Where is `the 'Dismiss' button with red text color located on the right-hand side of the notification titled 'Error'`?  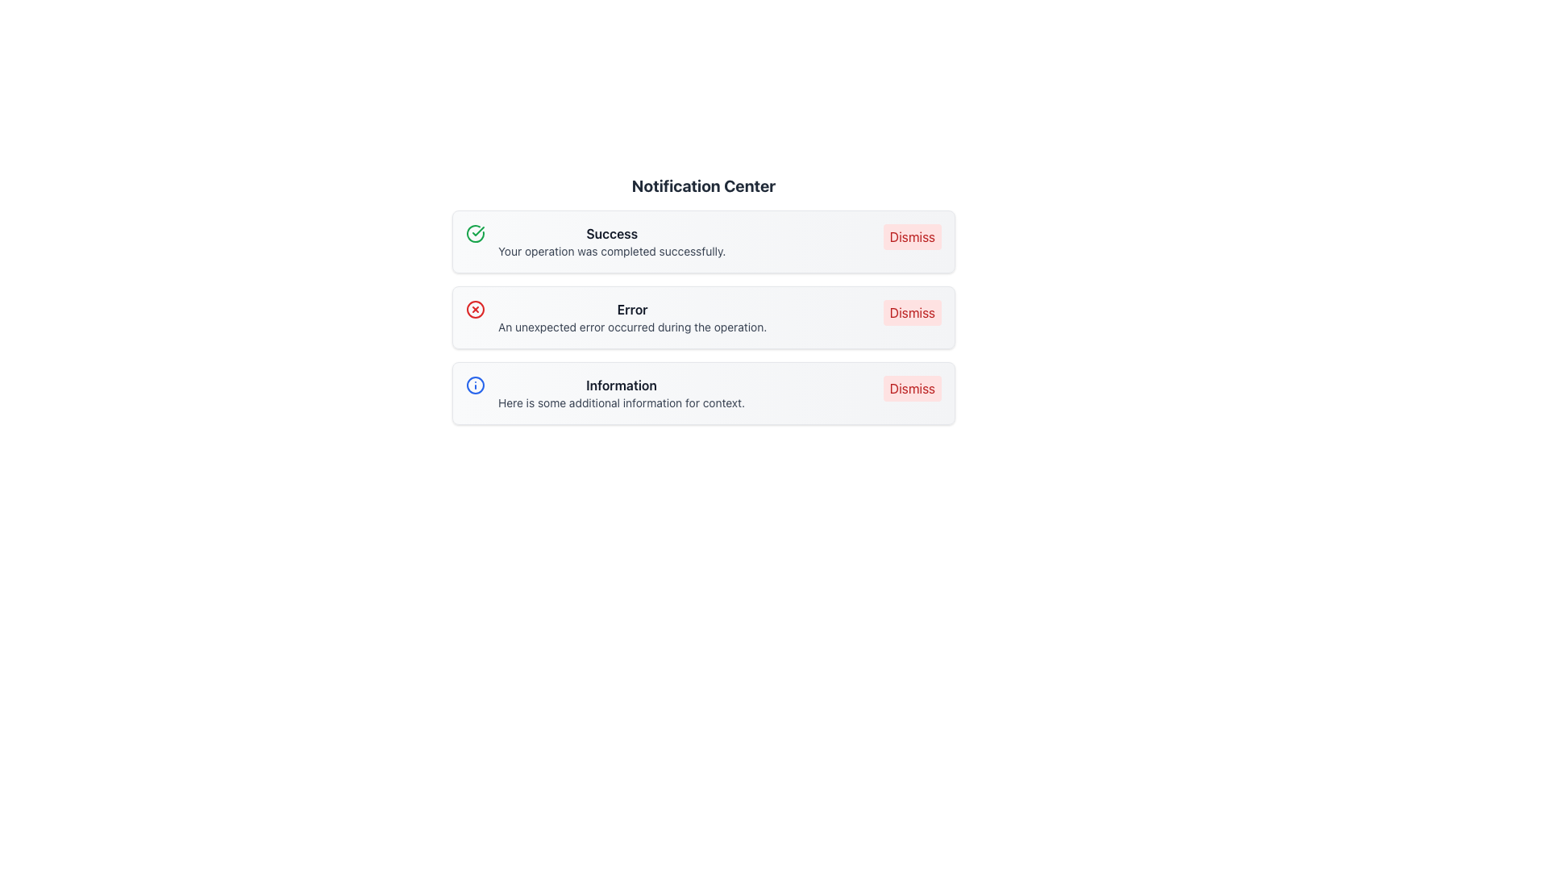 the 'Dismiss' button with red text color located on the right-hand side of the notification titled 'Error' is located at coordinates (912, 313).